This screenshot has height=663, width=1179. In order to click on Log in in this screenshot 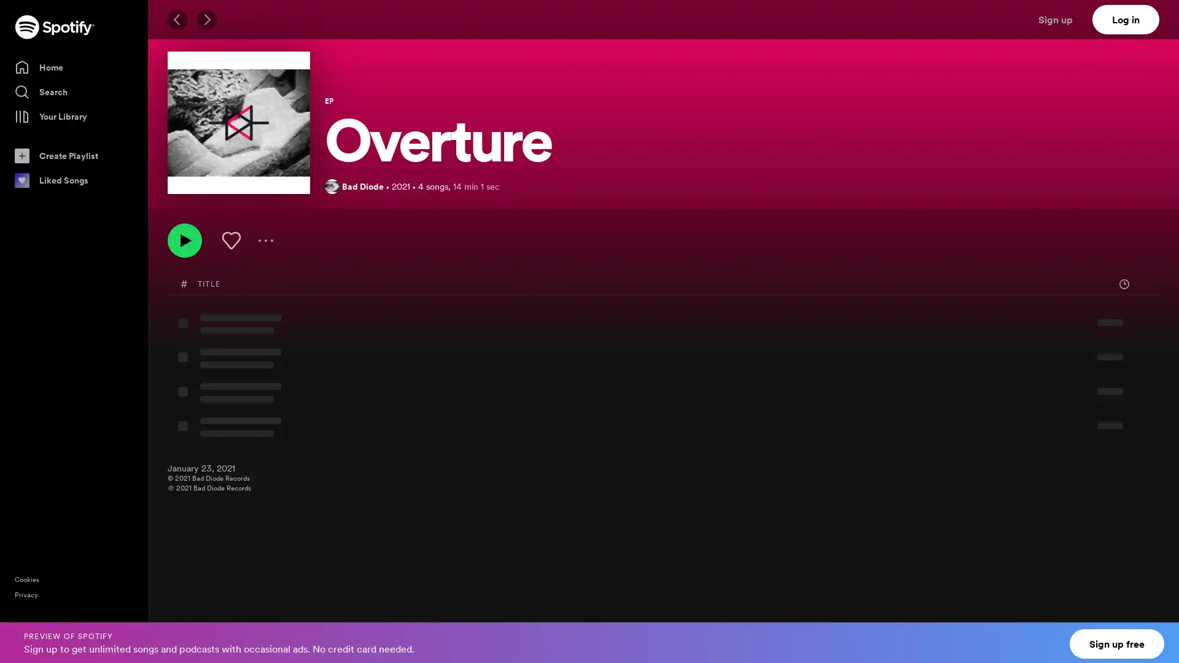, I will do `click(1126, 19)`.